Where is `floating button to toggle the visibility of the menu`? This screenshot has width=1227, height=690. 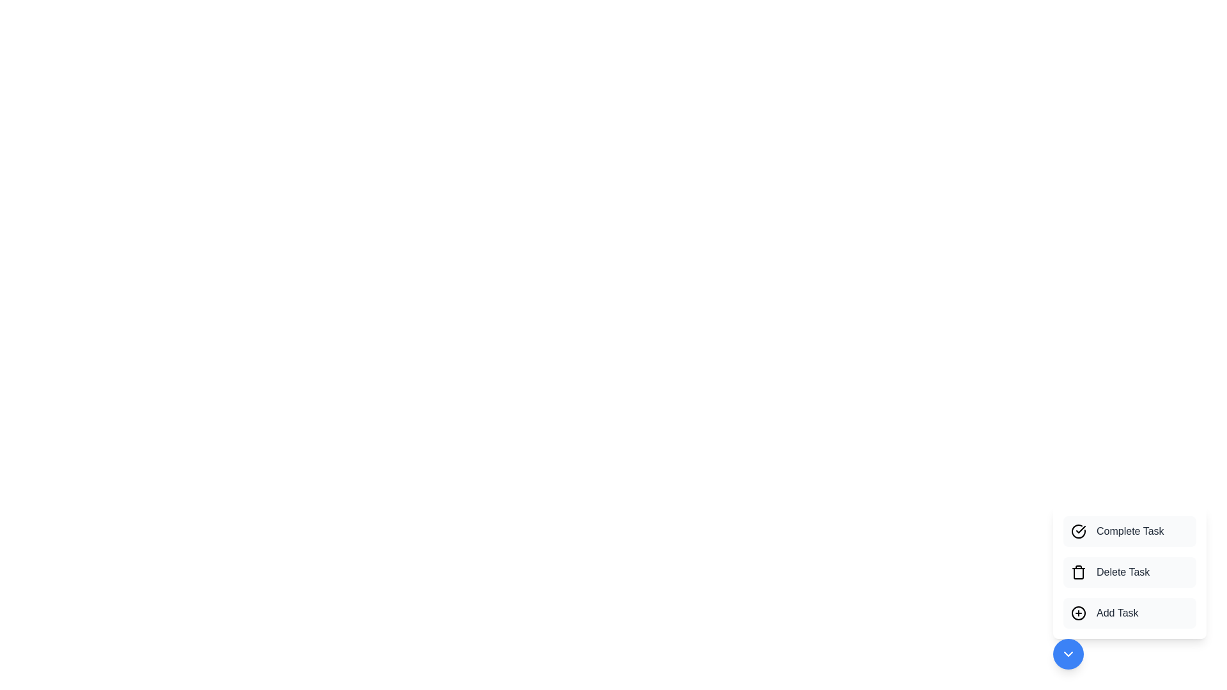
floating button to toggle the visibility of the menu is located at coordinates (1068, 654).